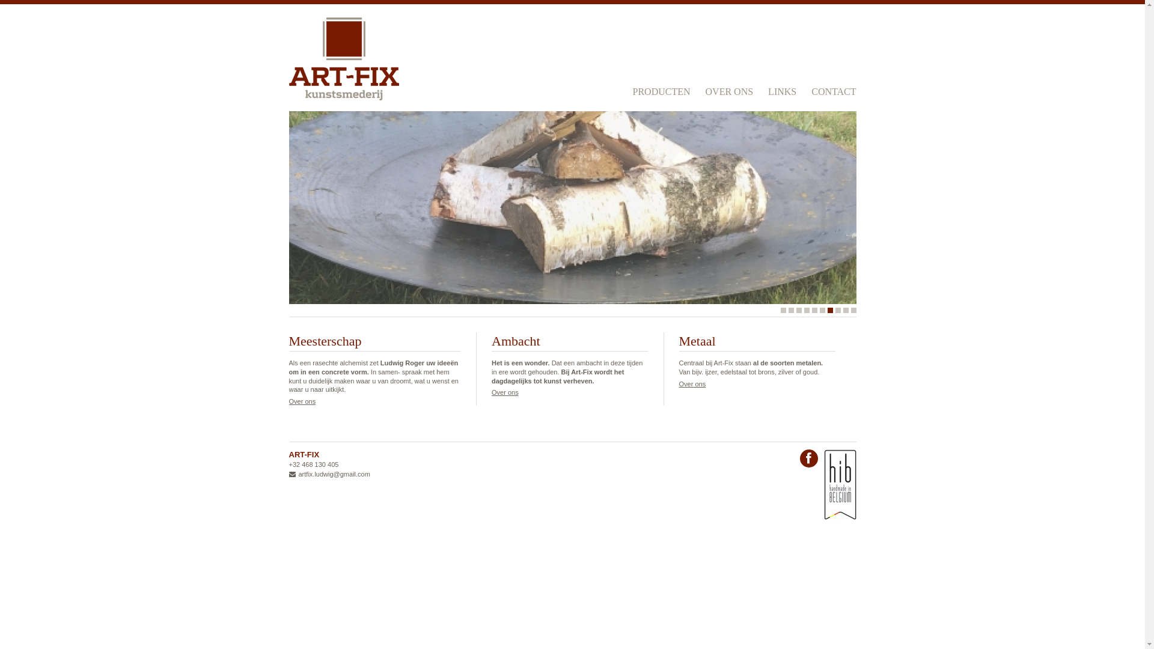  What do you see at coordinates (329, 474) in the screenshot?
I see `'artfix.ludwig@gmail.com'` at bounding box center [329, 474].